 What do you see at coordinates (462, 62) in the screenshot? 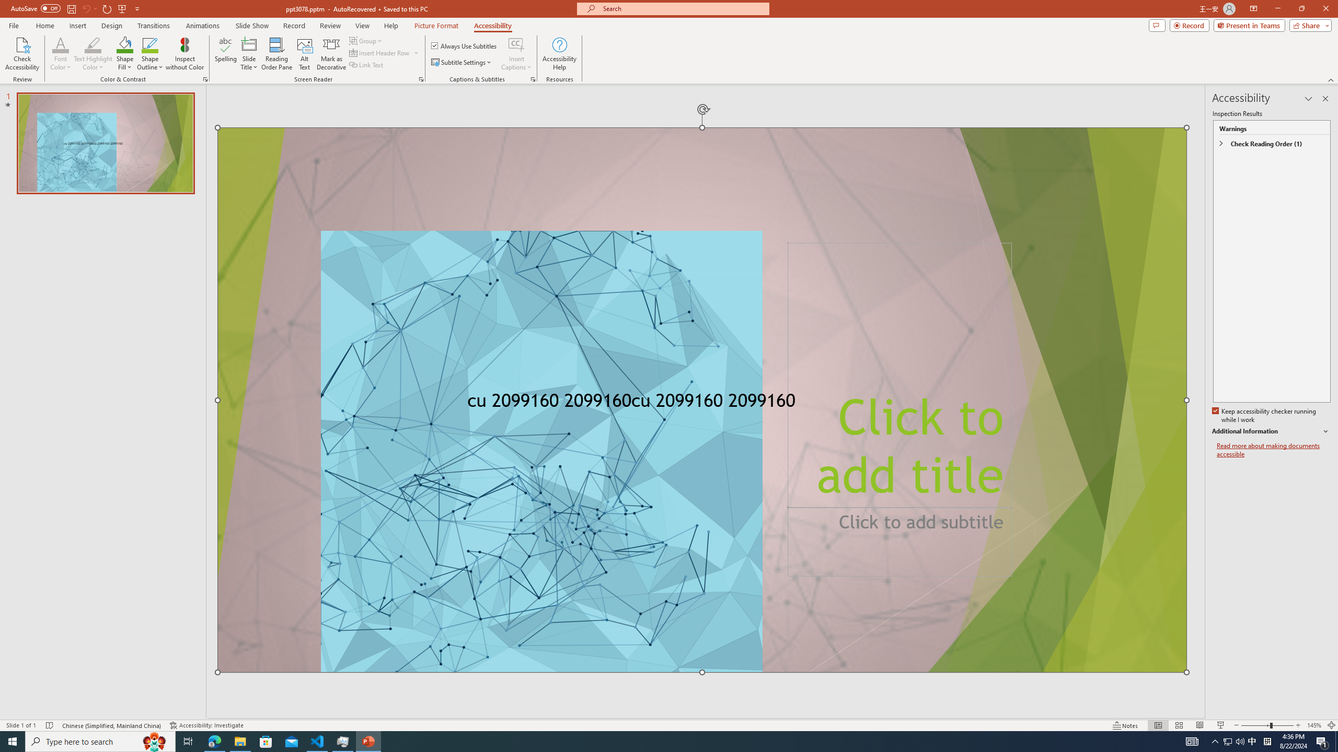
I see `'Subtitle Settings'` at bounding box center [462, 62].